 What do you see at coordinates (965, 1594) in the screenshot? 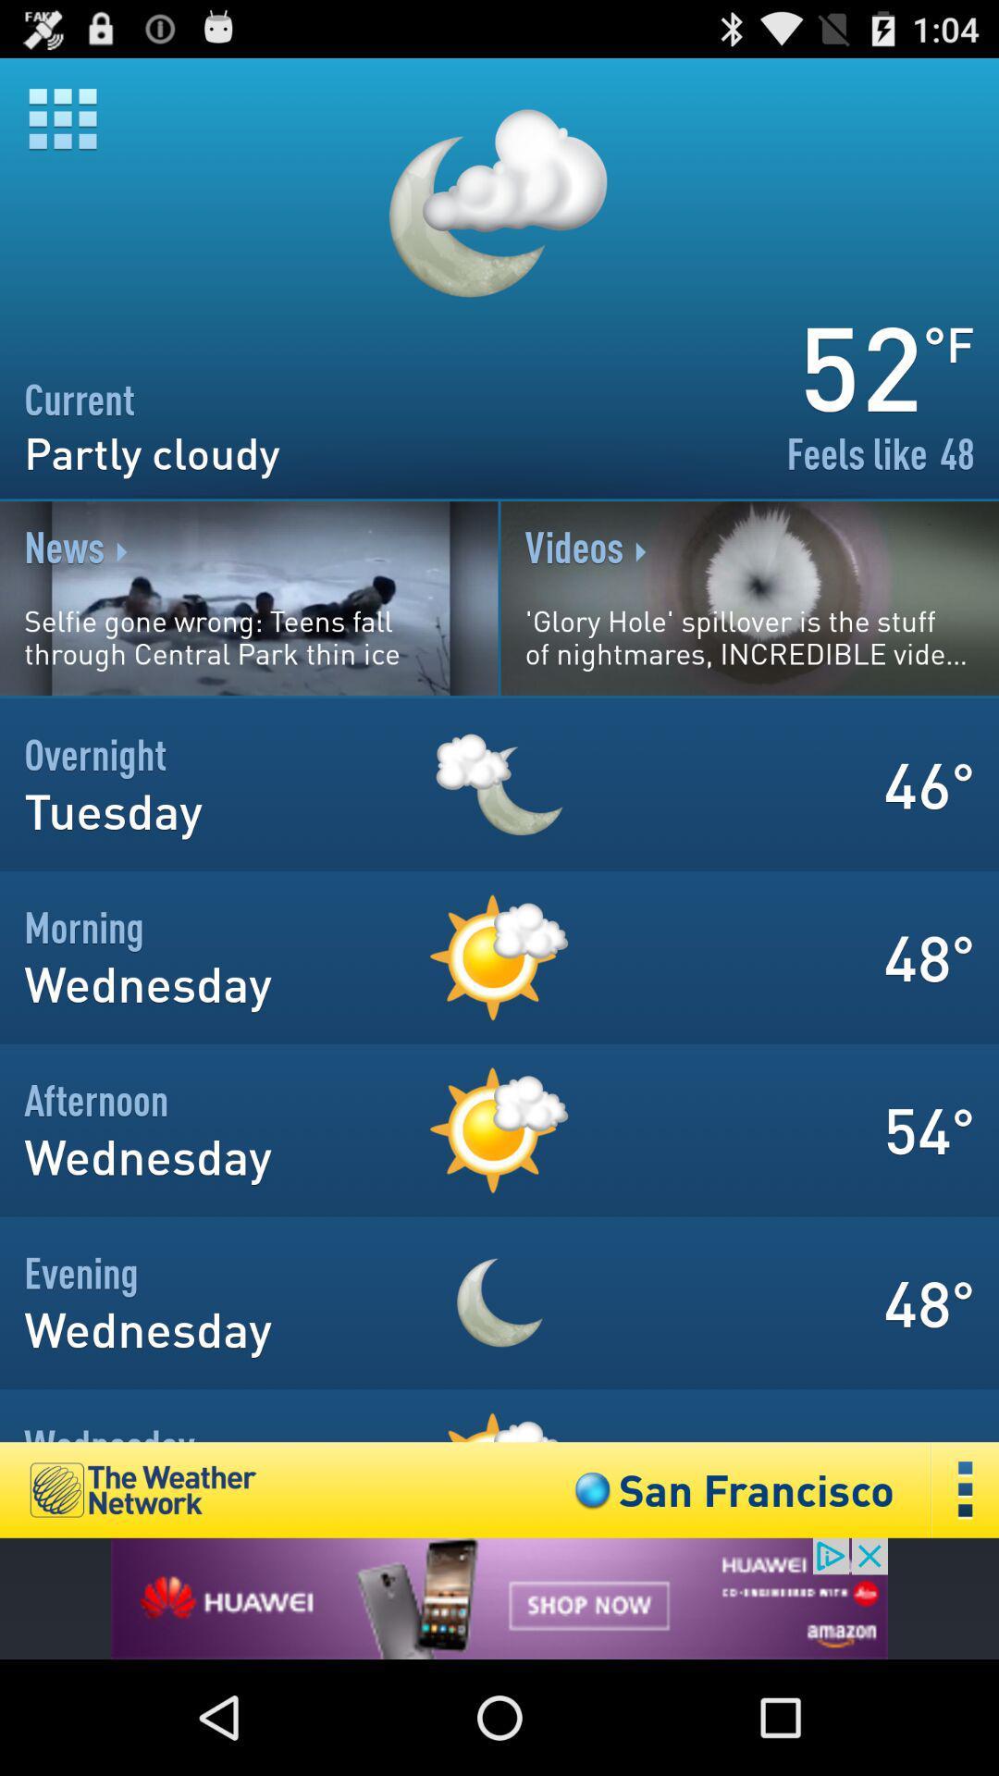
I see `the more icon` at bounding box center [965, 1594].